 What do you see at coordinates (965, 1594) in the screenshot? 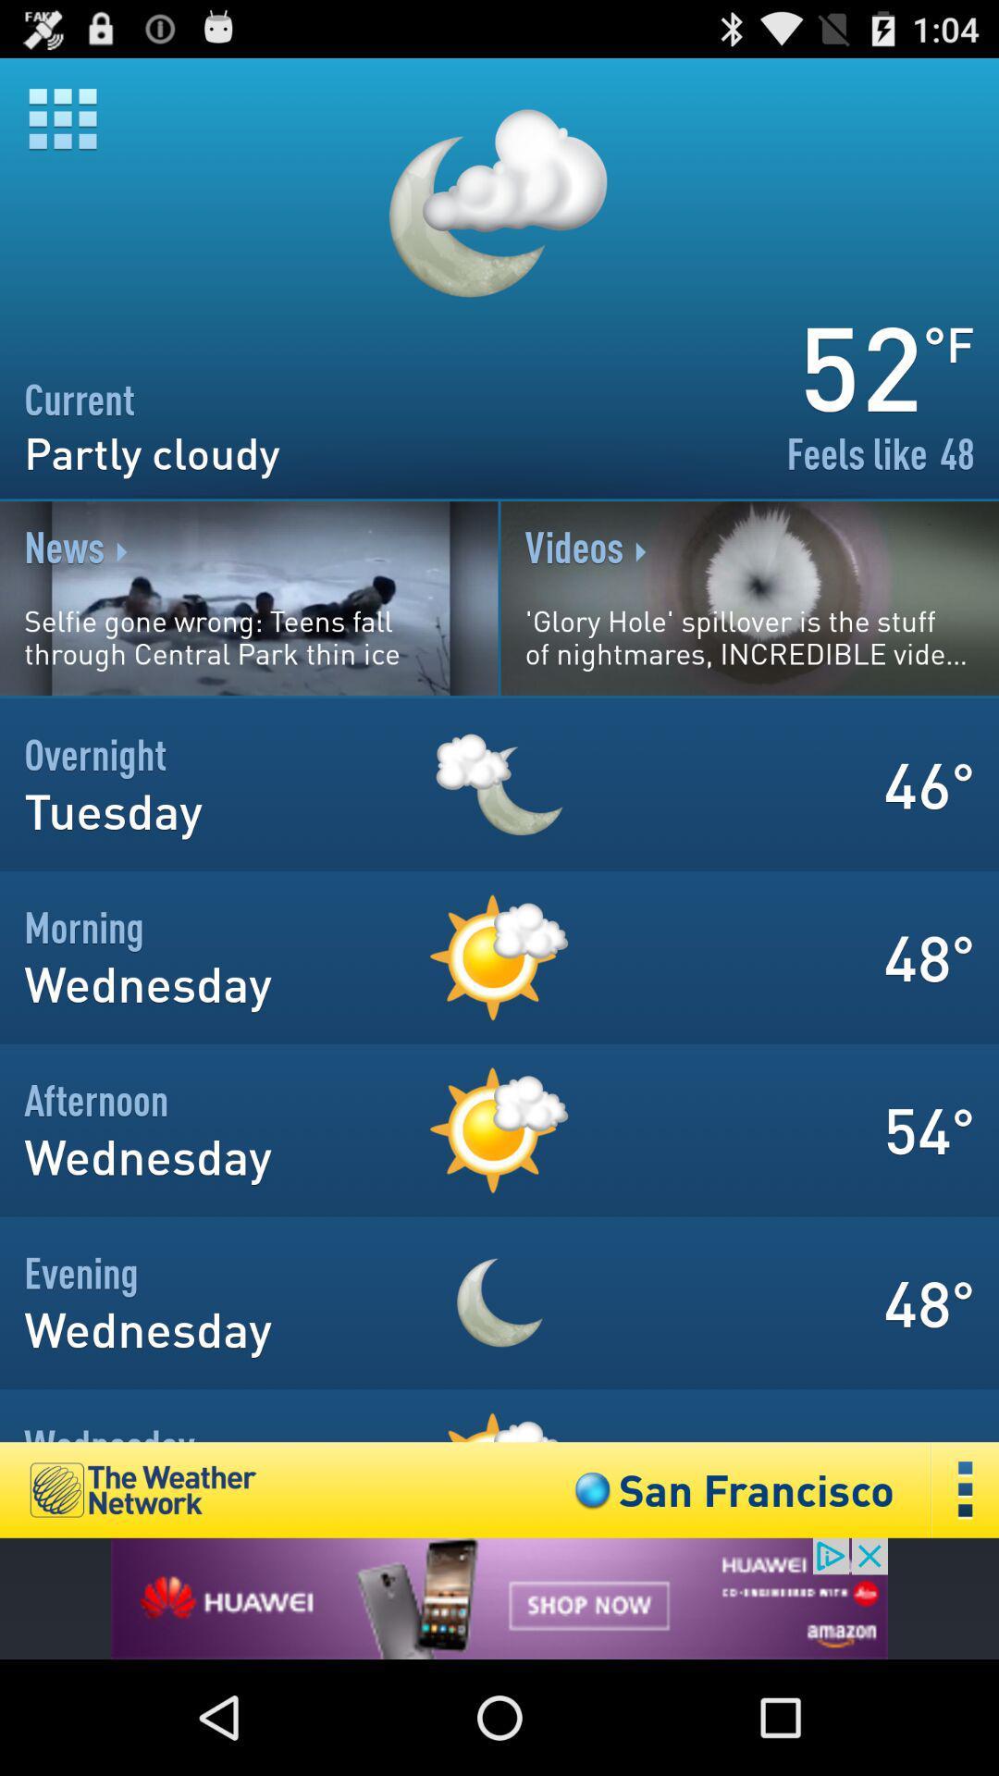
I see `the more icon` at bounding box center [965, 1594].